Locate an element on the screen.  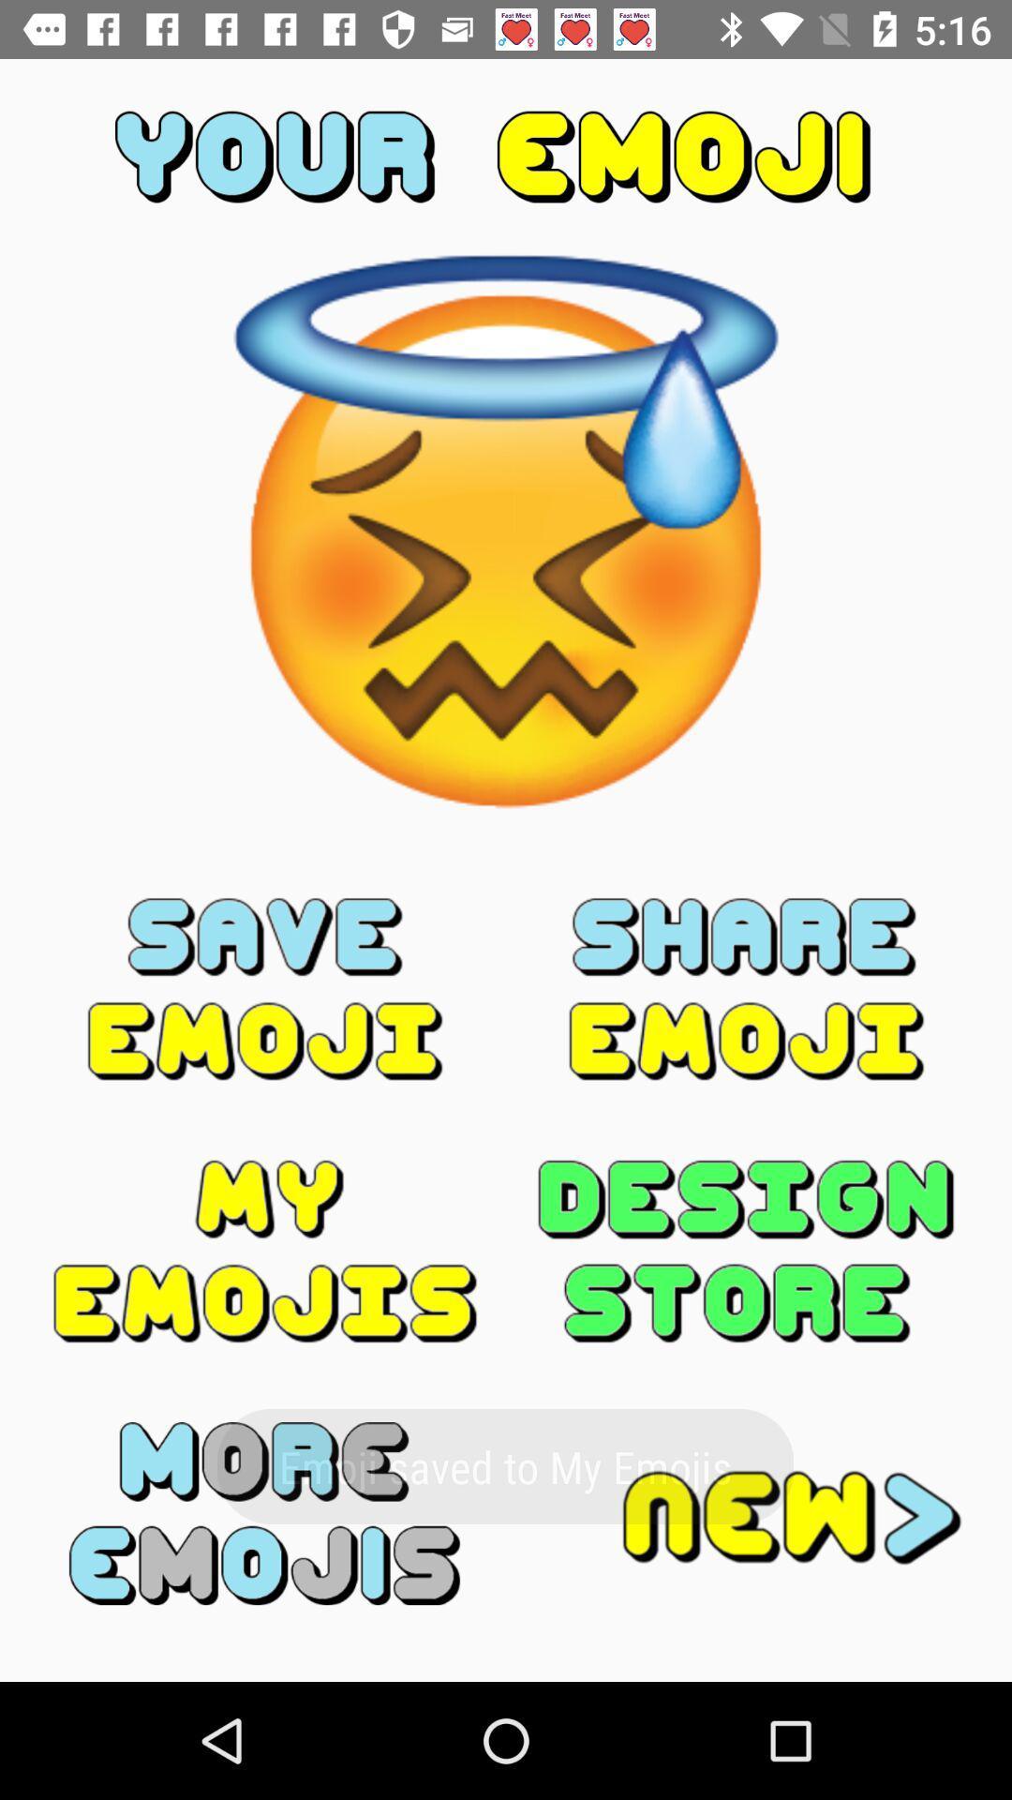
share the emoji is located at coordinates (745, 988).